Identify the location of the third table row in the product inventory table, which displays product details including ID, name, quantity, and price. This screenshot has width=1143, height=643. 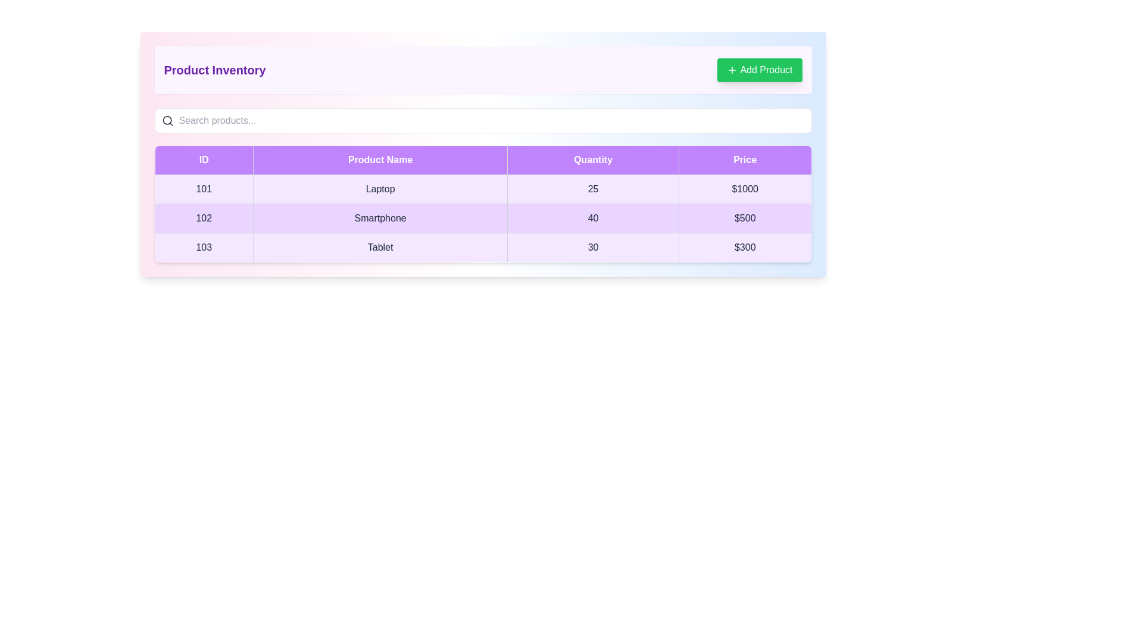
(483, 247).